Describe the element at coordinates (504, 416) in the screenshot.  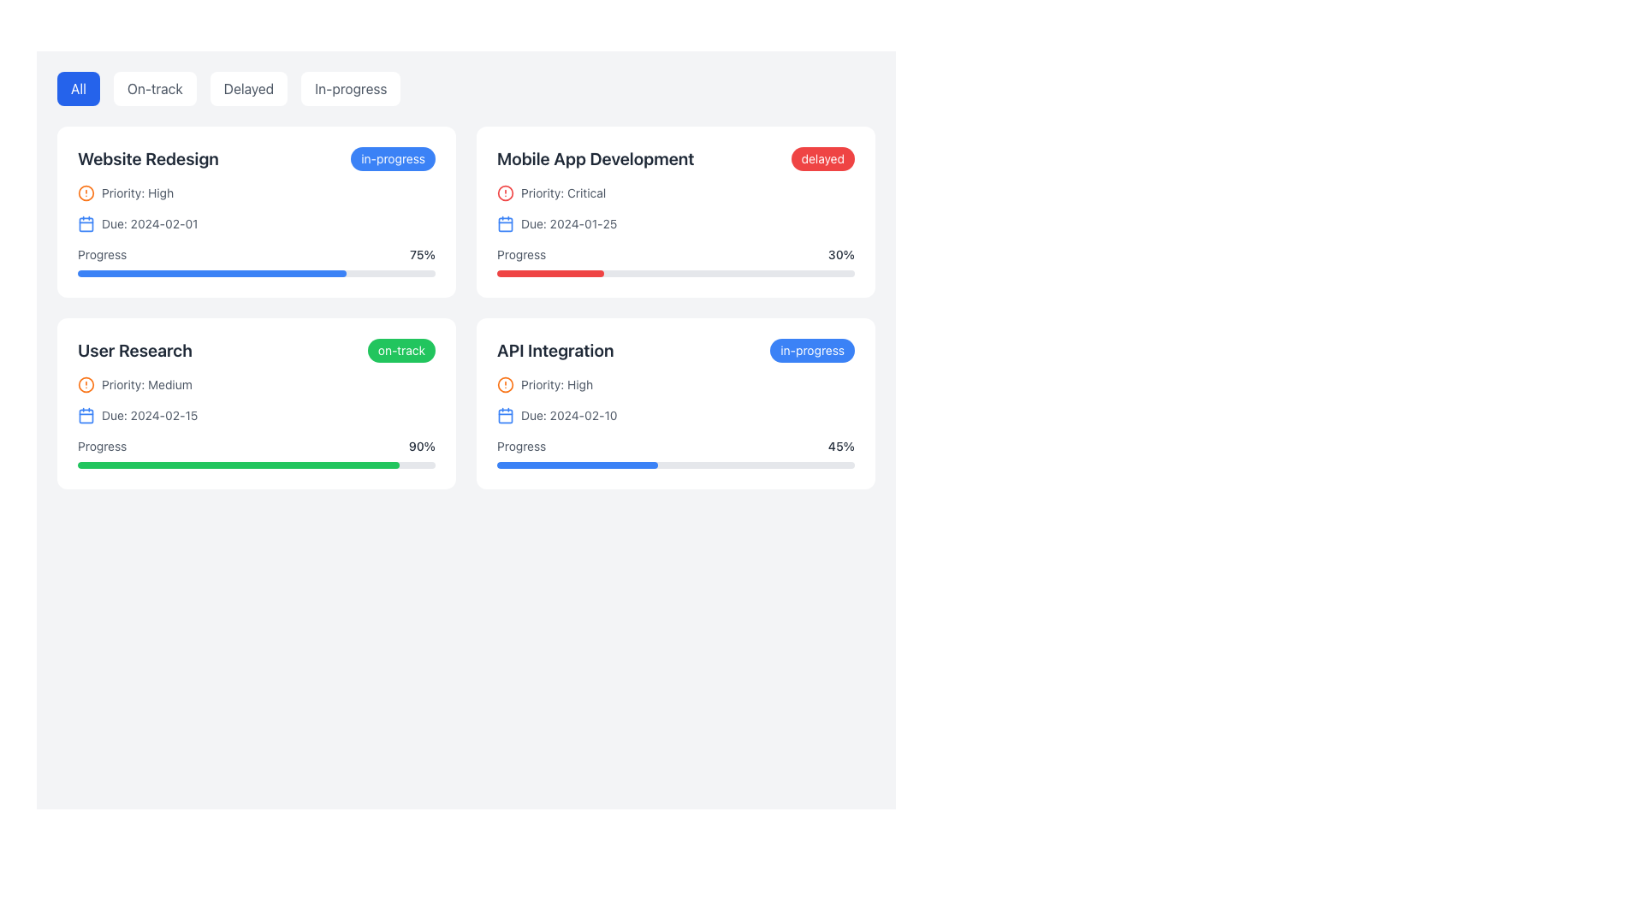
I see `the Icon subcomponent (rectangle within calendar icon) that visually represents the calendar's main body, located within the 'Due Date' line of the 'API Integration' card in the bottom-right area` at that location.